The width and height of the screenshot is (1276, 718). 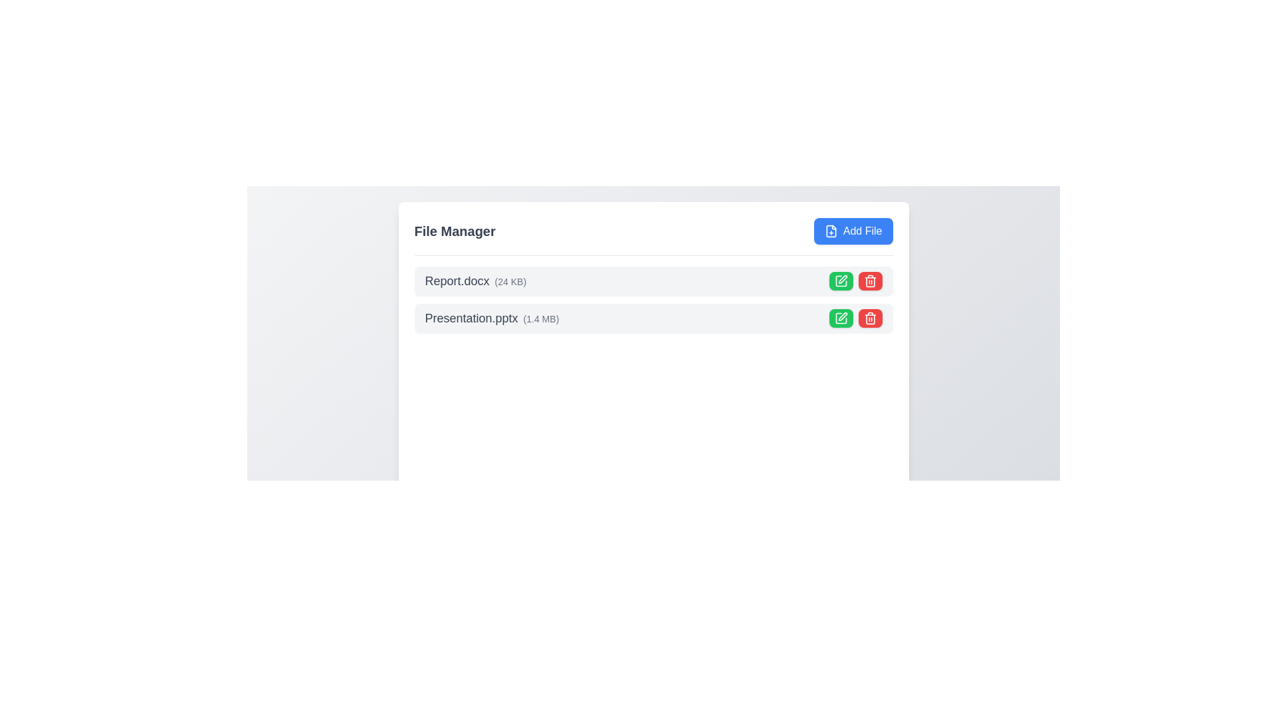 I want to click on the decorative and functional vector graphic icon for the 'Add File' button located at the top-right corner of the interface, so click(x=830, y=230).